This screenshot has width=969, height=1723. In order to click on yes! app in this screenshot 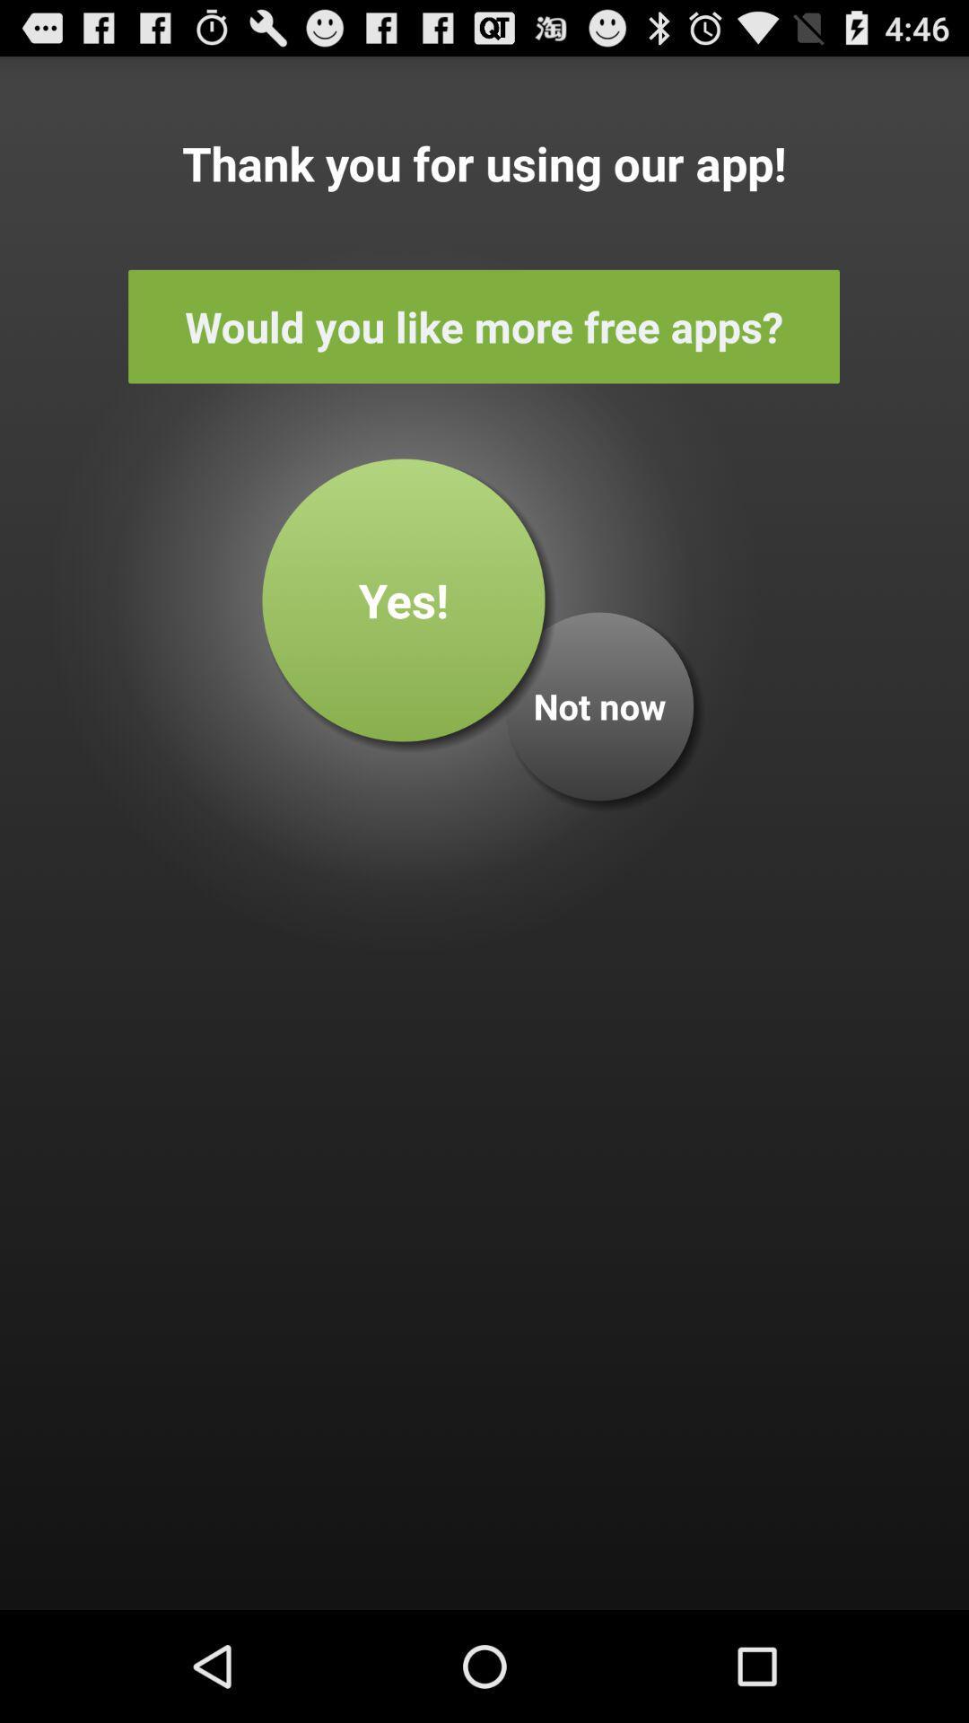, I will do `click(404, 599)`.